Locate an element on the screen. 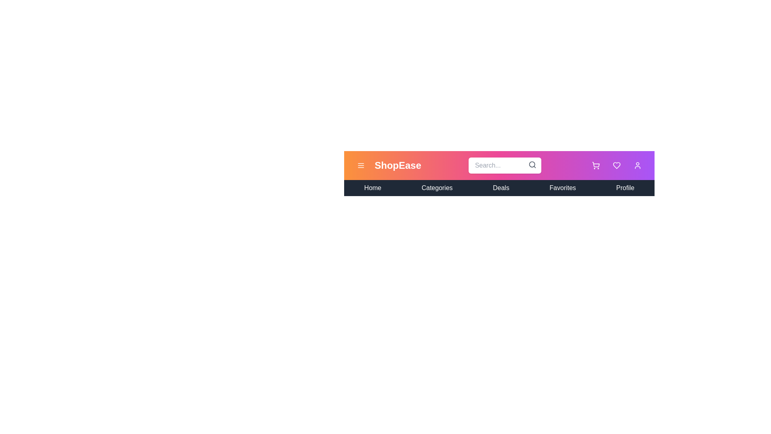  the Home from the navigation menu is located at coordinates (372, 188).